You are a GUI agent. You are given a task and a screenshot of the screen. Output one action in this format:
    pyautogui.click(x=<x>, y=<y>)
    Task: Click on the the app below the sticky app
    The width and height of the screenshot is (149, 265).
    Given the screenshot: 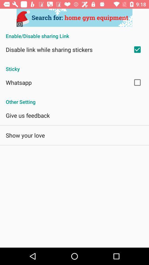 What is the action you would take?
    pyautogui.click(x=18, y=82)
    